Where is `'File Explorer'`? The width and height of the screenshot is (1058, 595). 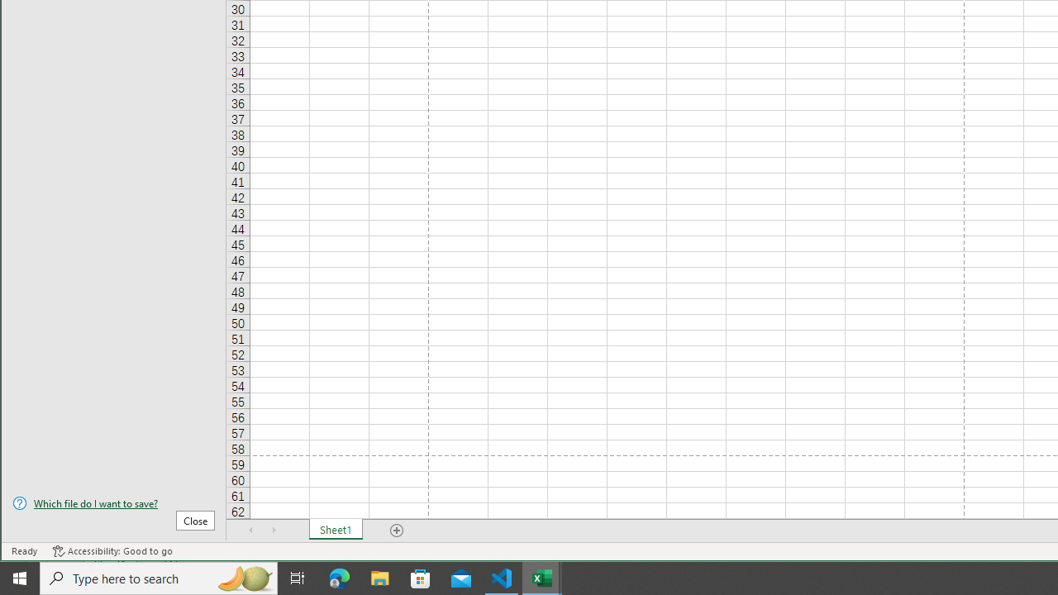 'File Explorer' is located at coordinates (379, 577).